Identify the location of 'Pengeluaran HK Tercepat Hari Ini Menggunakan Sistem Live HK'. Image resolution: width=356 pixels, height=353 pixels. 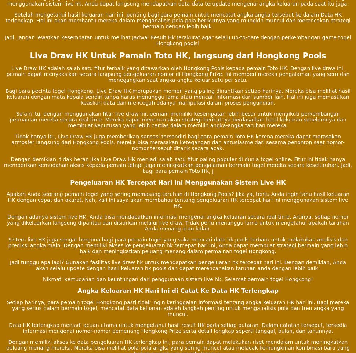
(177, 182).